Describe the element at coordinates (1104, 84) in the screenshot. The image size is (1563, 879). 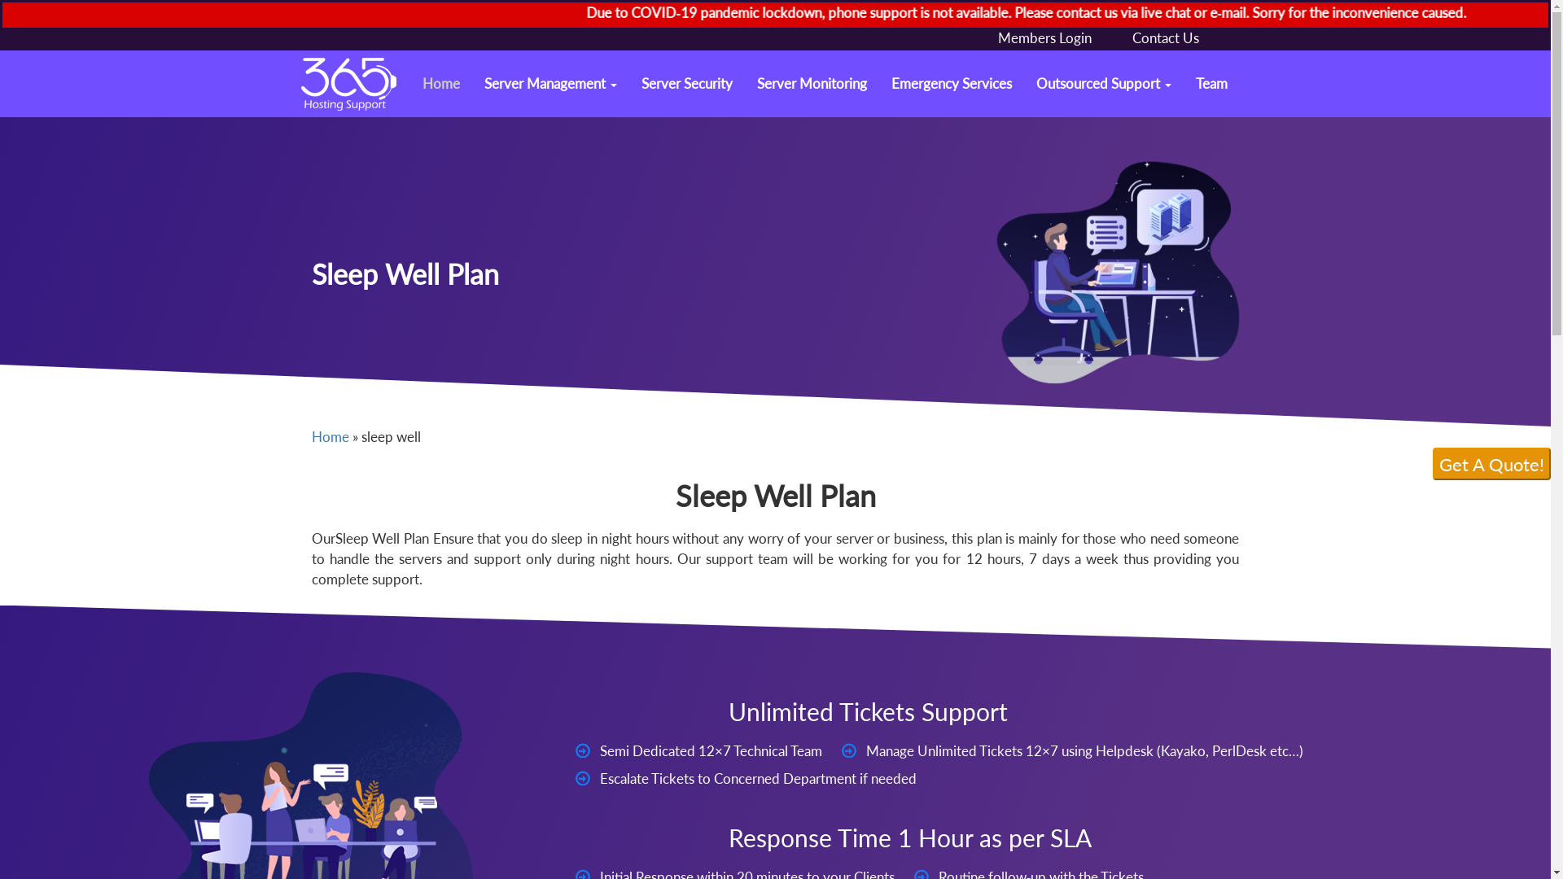
I see `'Outsourced Support'` at that location.